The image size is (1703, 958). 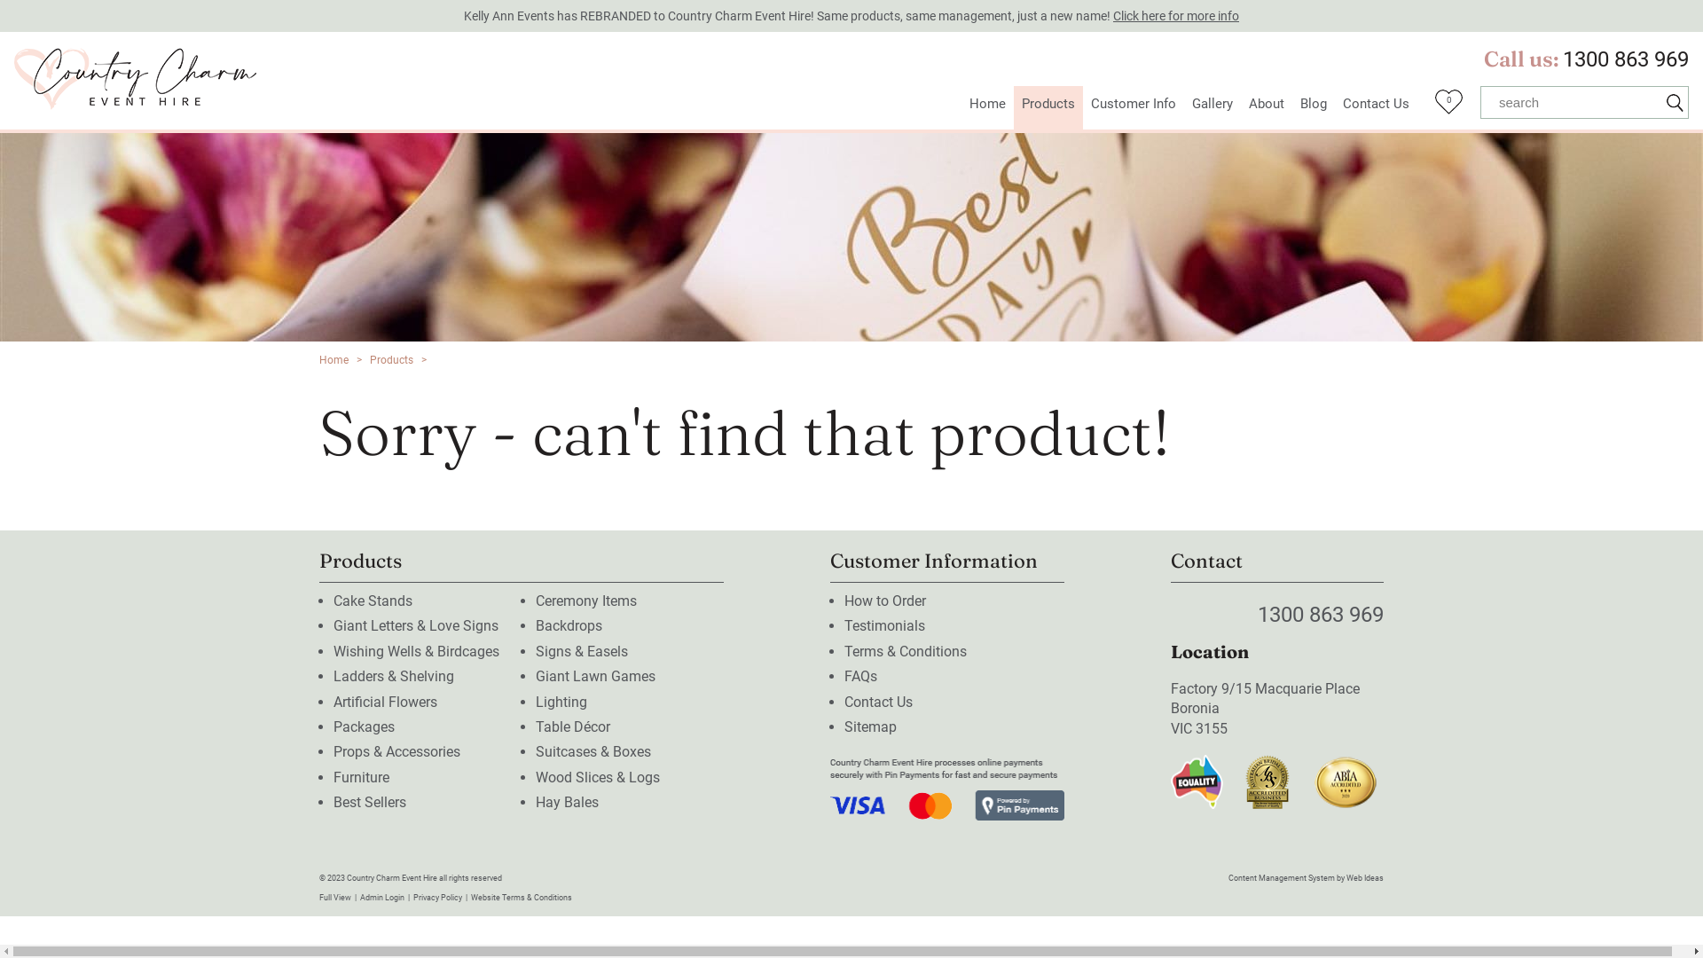 I want to click on 'Giant Lawn Games', so click(x=595, y=676).